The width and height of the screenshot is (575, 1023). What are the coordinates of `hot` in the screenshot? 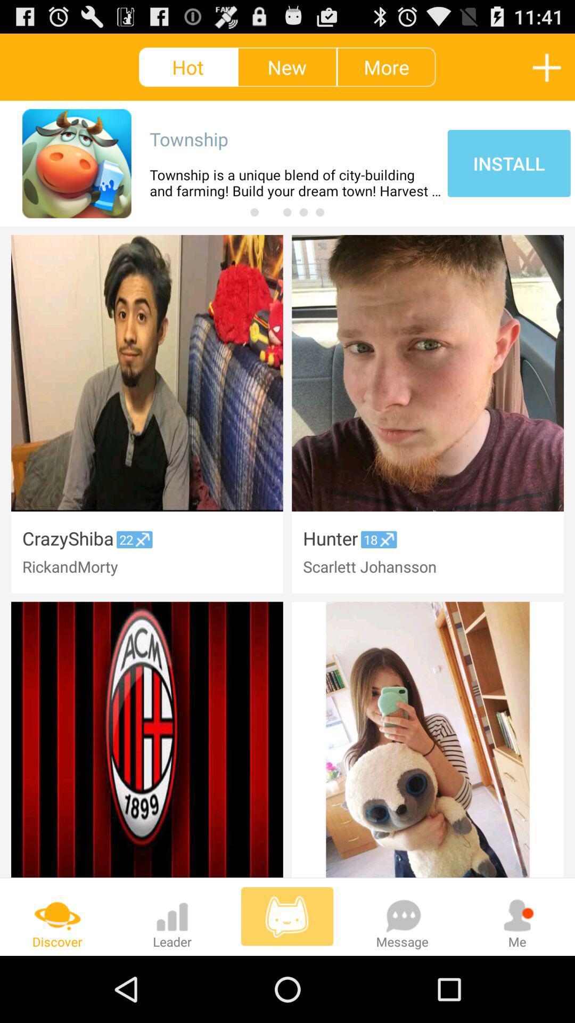 It's located at (187, 66).